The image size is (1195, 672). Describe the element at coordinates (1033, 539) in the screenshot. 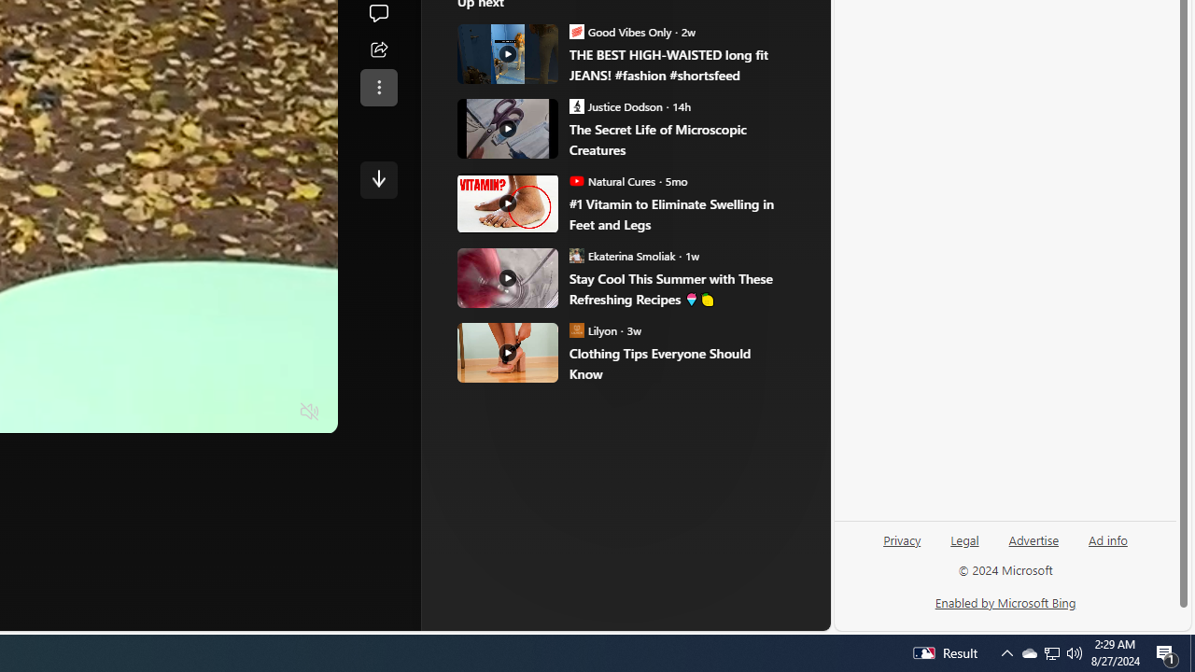

I see `'Advertise'` at that location.